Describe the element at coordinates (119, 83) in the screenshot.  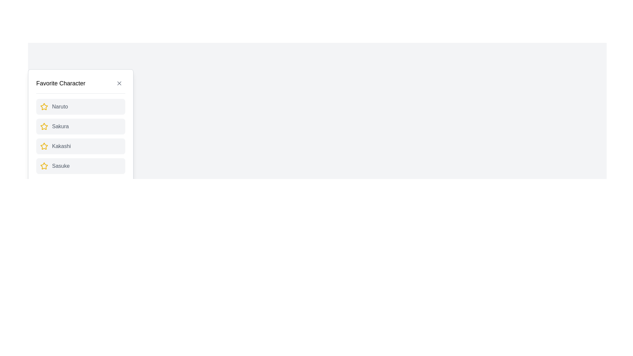
I see `the close icon button represented by a pair of intersecting lines forming an 'X' located in the top-right corner of the 'Favorite Character' card` at that location.